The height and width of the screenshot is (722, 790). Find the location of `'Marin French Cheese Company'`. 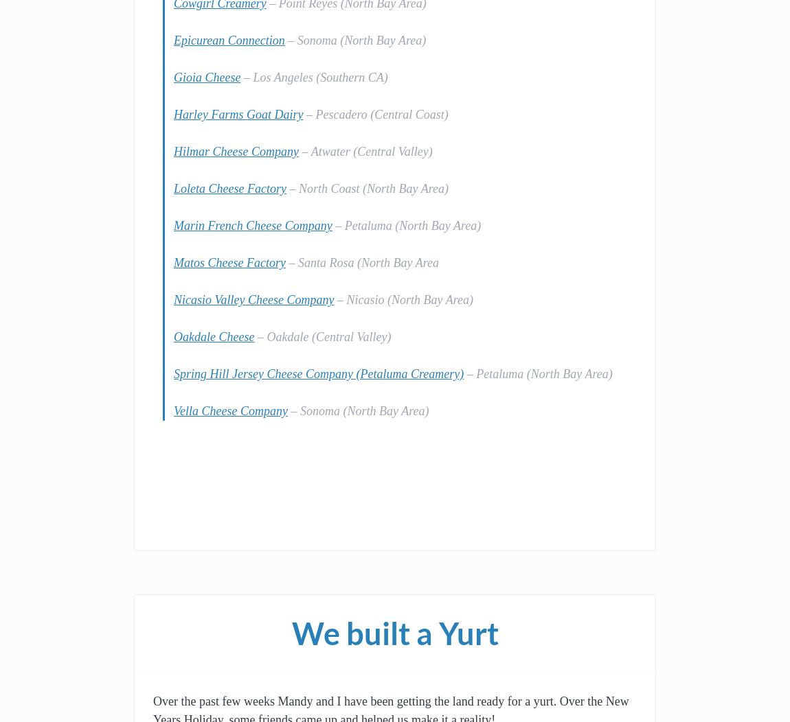

'Marin French Cheese Company' is located at coordinates (253, 224).